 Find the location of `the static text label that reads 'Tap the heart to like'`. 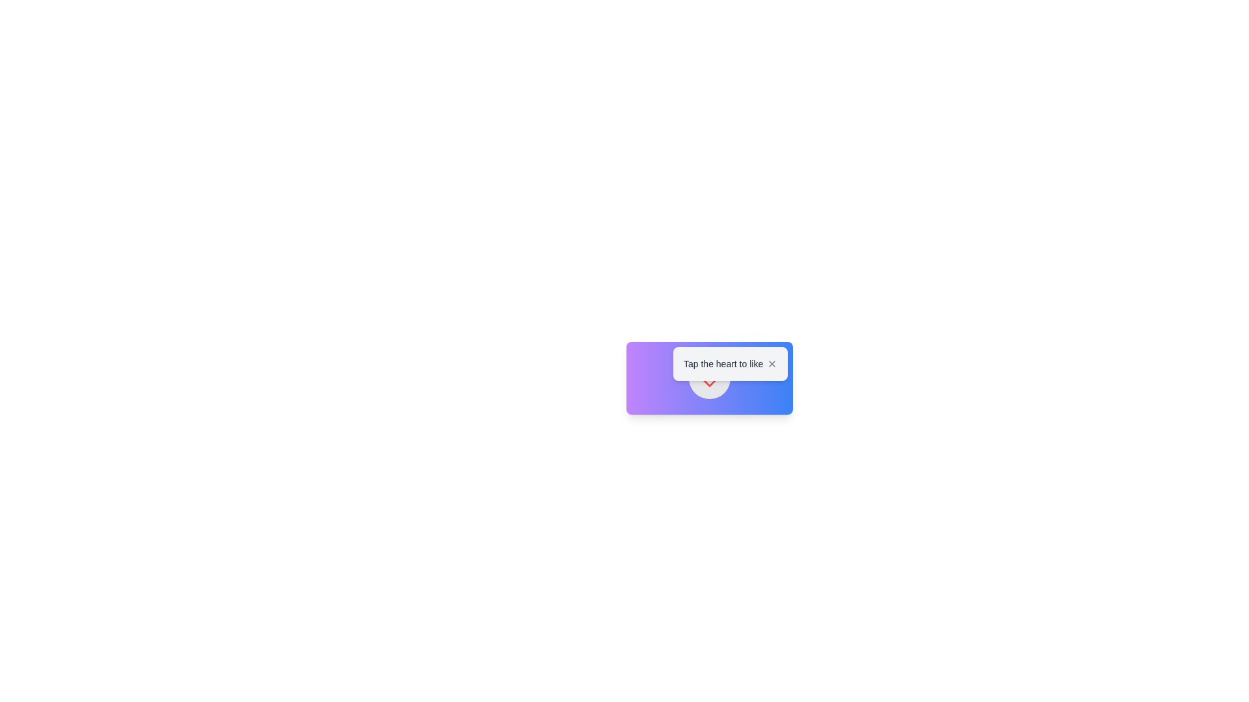

the static text label that reads 'Tap the heart to like' is located at coordinates (723, 363).